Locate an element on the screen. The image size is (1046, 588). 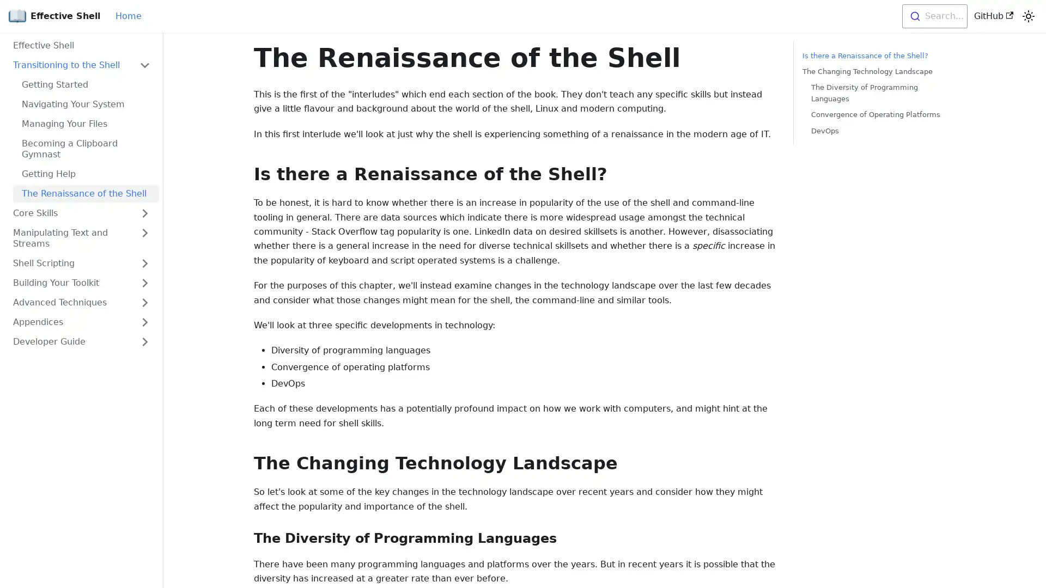
Toggle the collapsible sidebar category 'Advanced Techniques' is located at coordinates (144, 302).